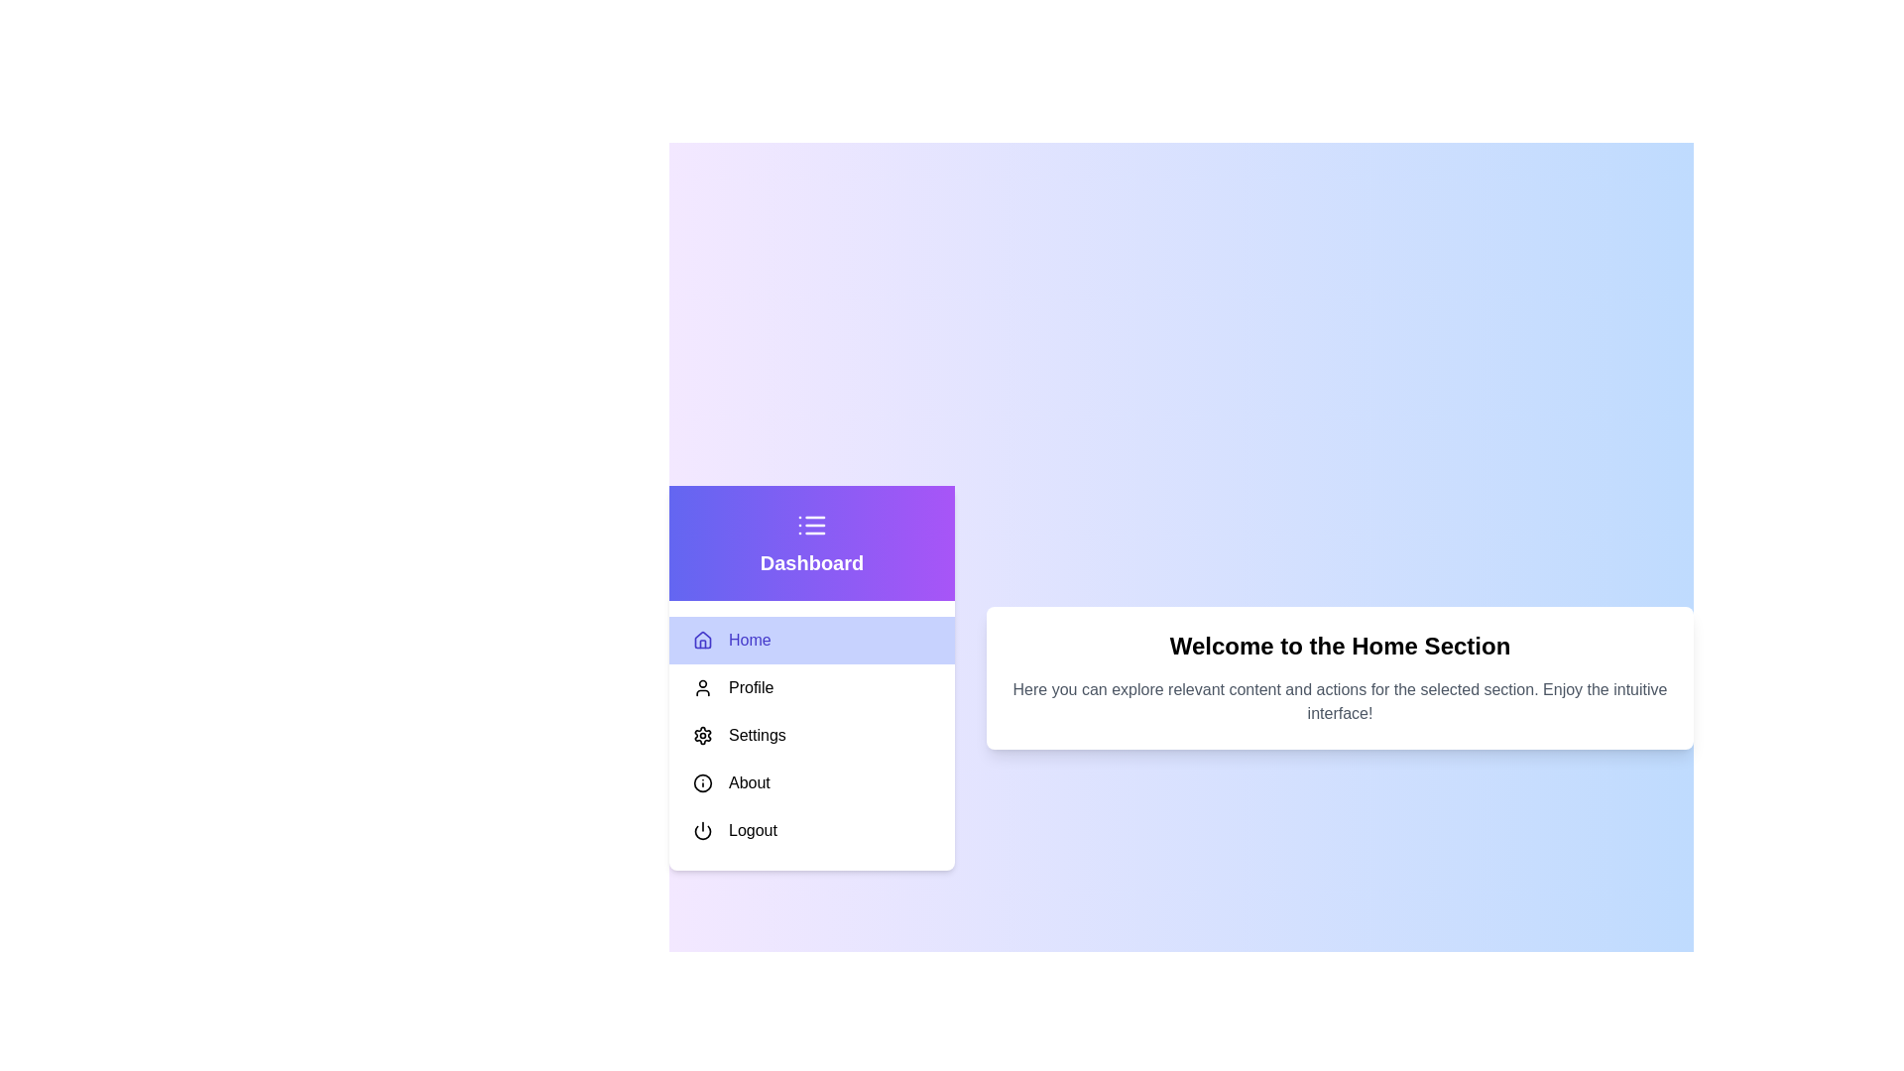  I want to click on the menu item Logout to select it, so click(812, 830).